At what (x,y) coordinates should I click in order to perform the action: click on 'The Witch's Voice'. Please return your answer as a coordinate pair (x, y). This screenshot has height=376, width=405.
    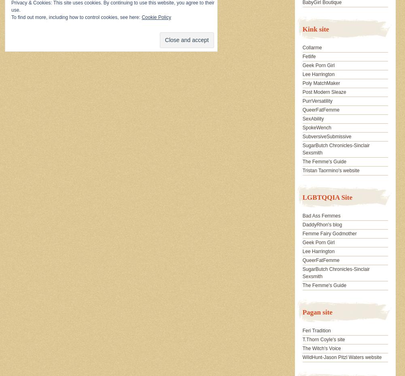
    Looking at the image, I should click on (302, 349).